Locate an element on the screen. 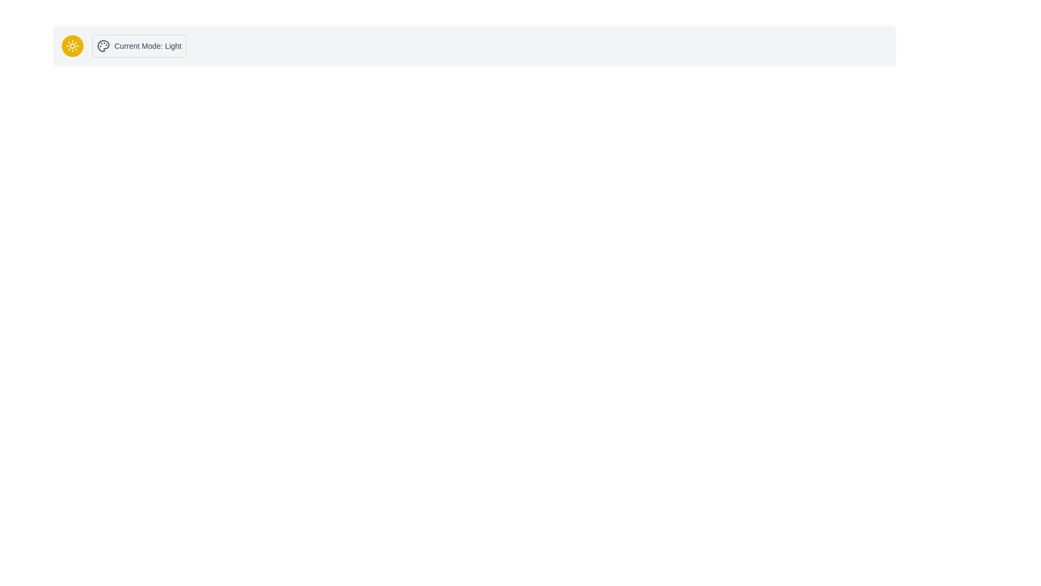 This screenshot has width=1041, height=586. the circular yellow button with a white sun icon located in the top left portion of the 'Current Mode: Light' bar is located at coordinates (72, 45).